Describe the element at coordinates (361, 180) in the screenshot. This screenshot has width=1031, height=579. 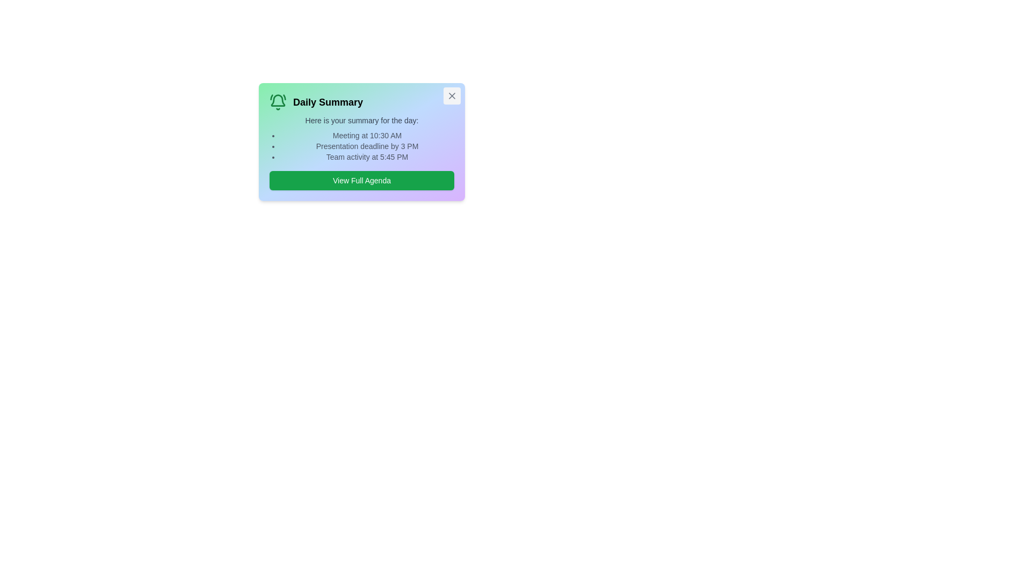
I see `the 'View Full Agenda' button to open the detailed agenda` at that location.